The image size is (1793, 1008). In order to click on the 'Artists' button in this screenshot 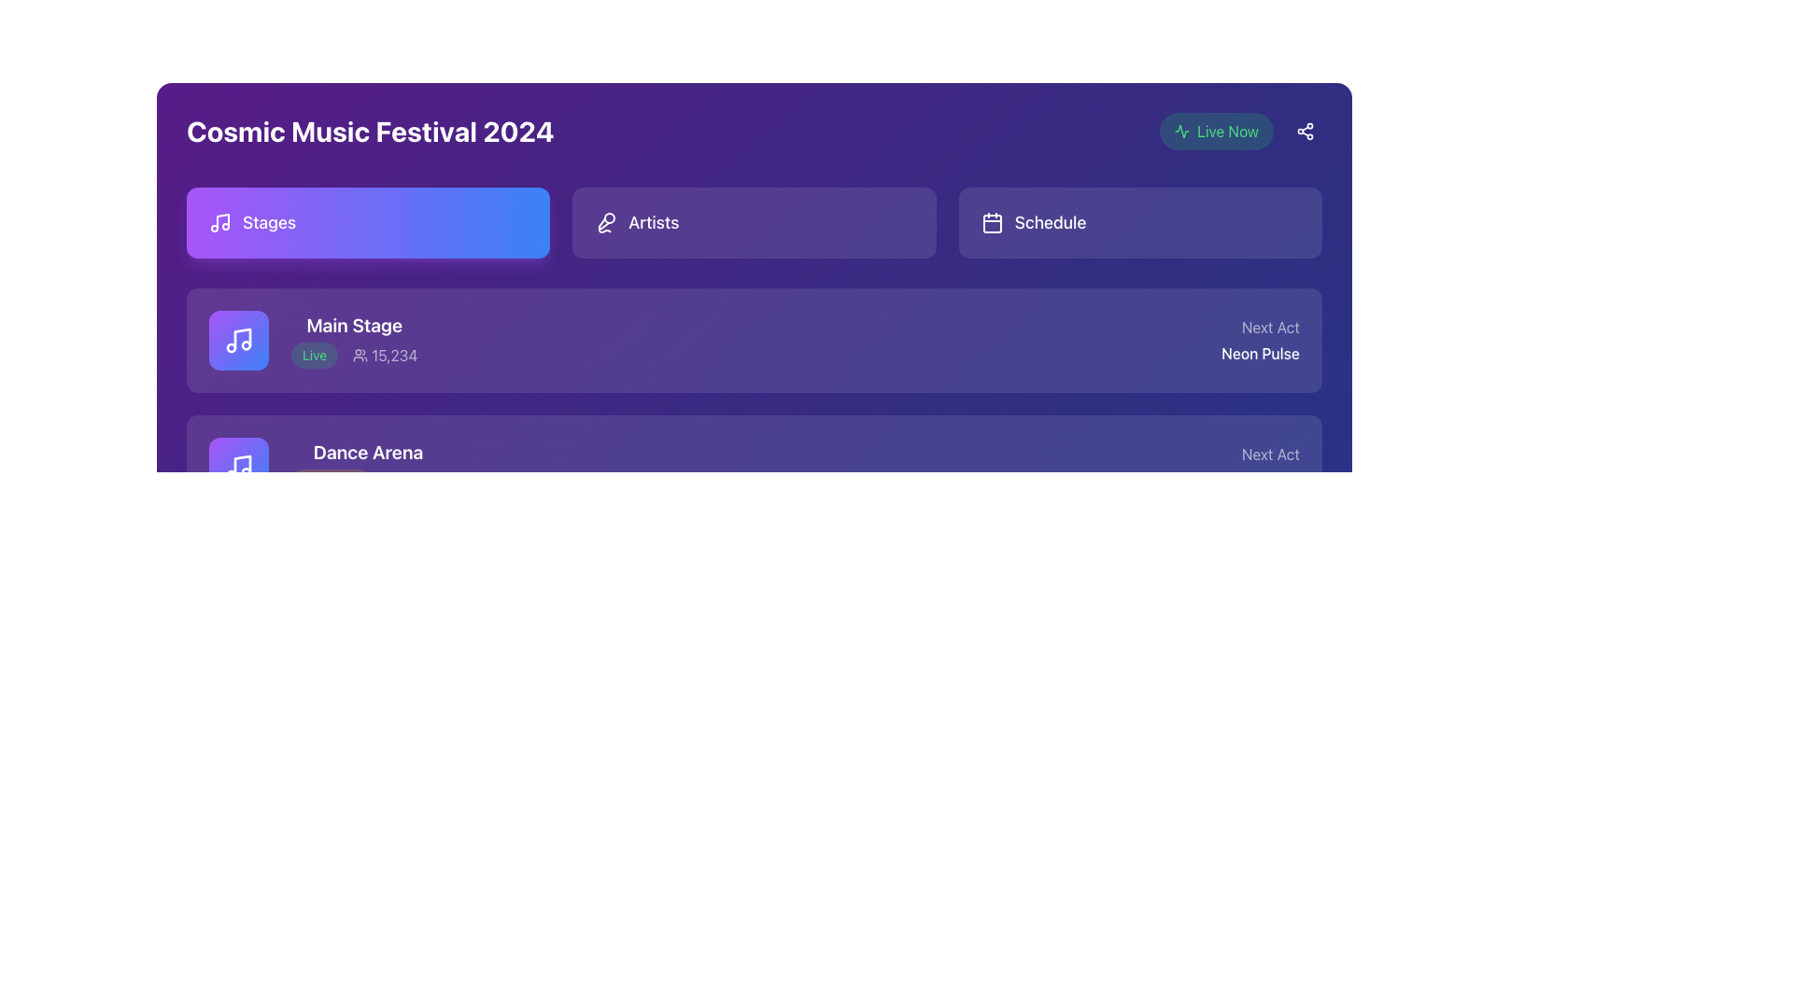, I will do `click(754, 222)`.